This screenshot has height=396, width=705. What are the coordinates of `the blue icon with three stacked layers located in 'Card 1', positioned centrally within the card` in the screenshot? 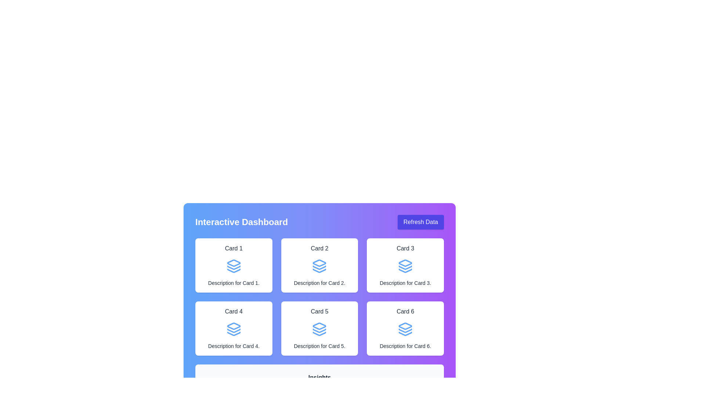 It's located at (233, 266).